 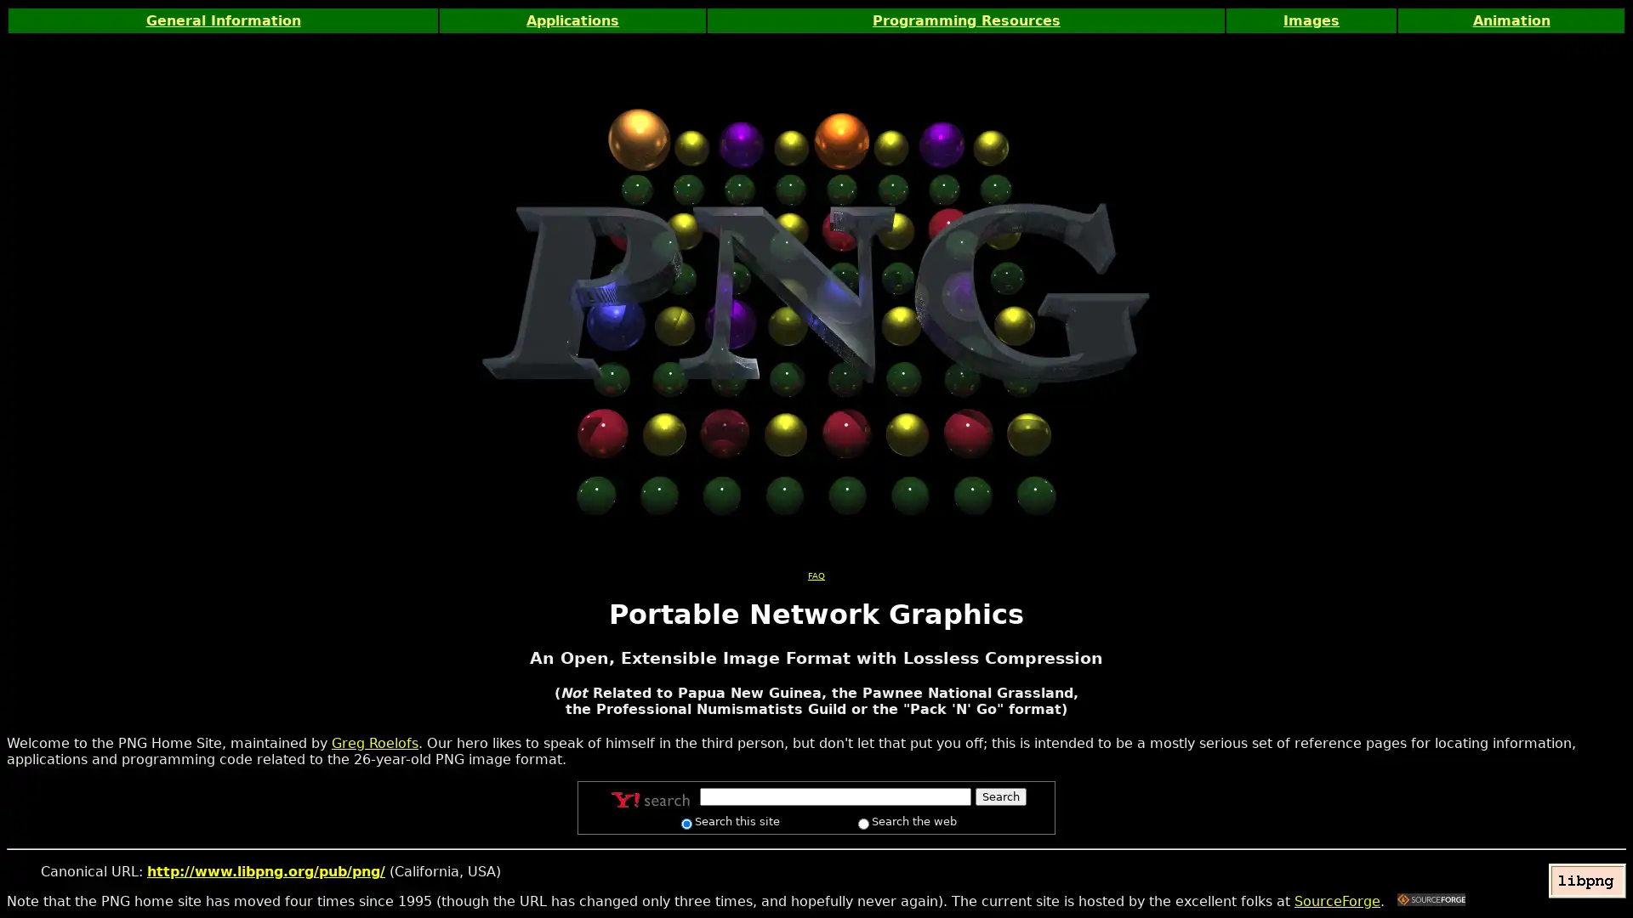 What do you see at coordinates (1000, 796) in the screenshot?
I see `Search` at bounding box center [1000, 796].